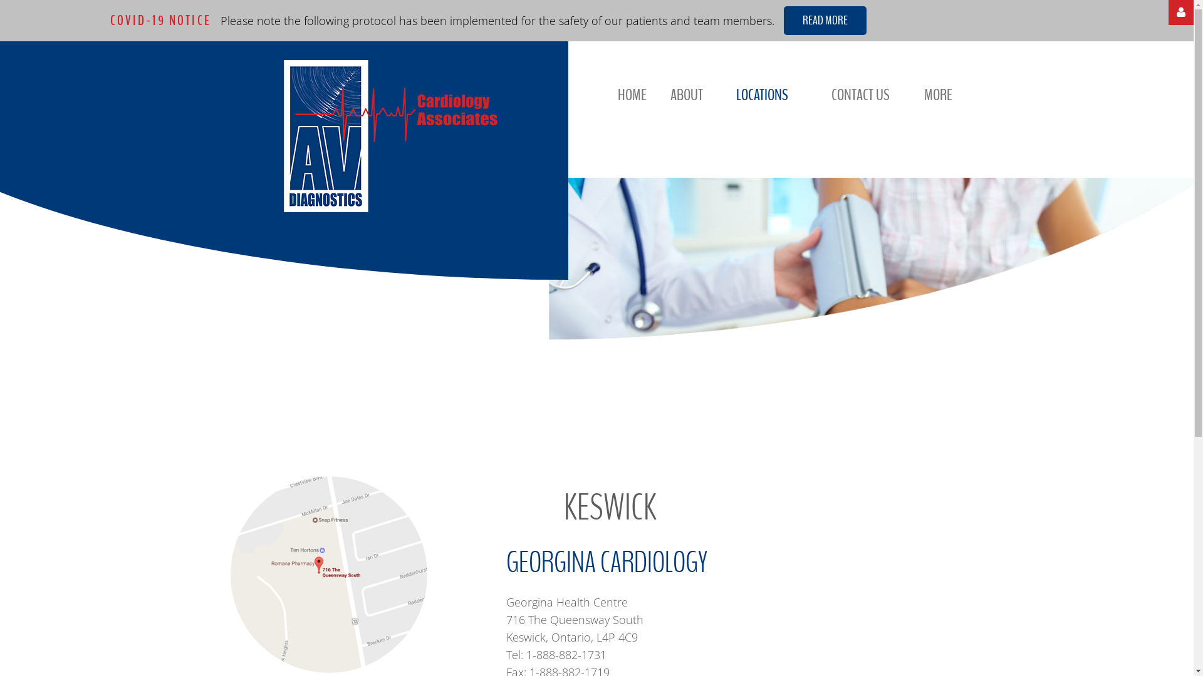  I want to click on 'CONTACT US', so click(831, 94).